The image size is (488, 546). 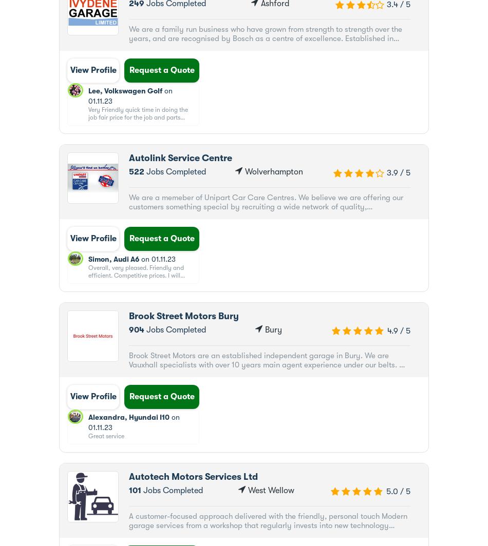 What do you see at coordinates (183, 316) in the screenshot?
I see `'Brook Street Motors Bury'` at bounding box center [183, 316].